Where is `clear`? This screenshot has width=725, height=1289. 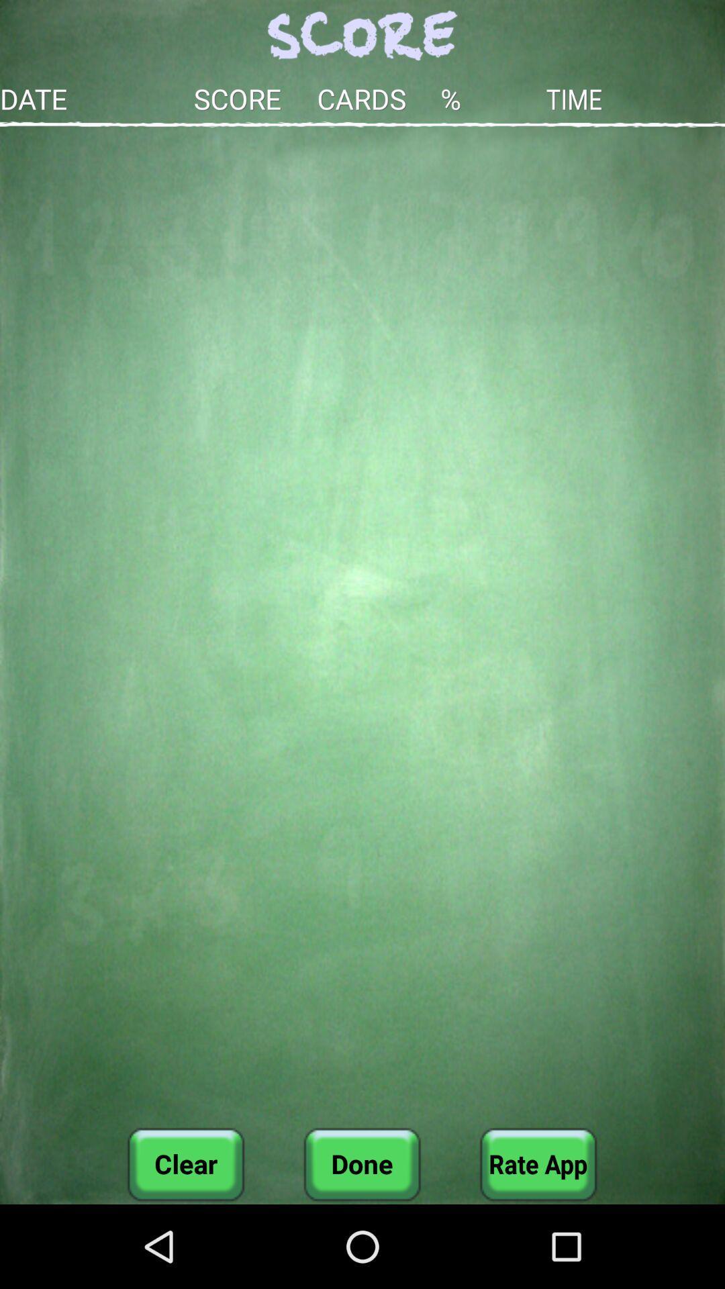 clear is located at coordinates (186, 1163).